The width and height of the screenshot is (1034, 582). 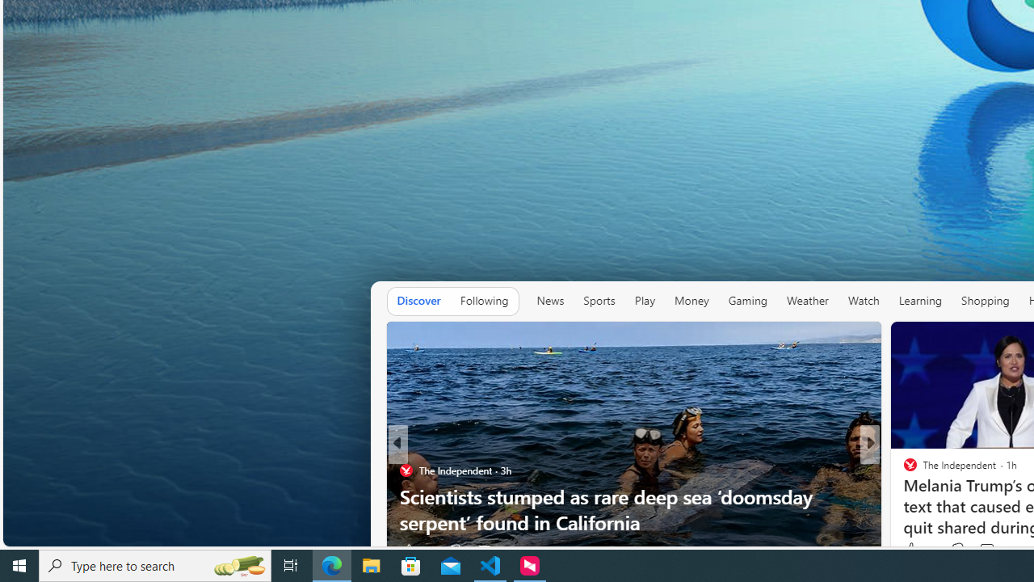 What do you see at coordinates (988, 550) in the screenshot?
I see `'View comments 58 Comment'` at bounding box center [988, 550].